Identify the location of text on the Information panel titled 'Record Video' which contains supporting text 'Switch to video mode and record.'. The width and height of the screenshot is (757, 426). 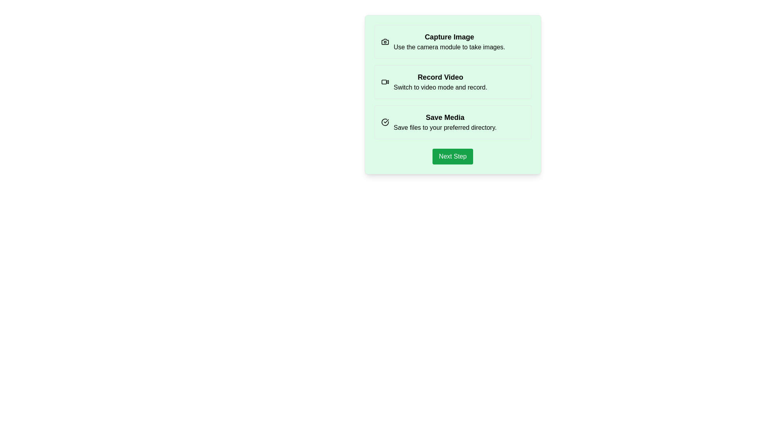
(440, 82).